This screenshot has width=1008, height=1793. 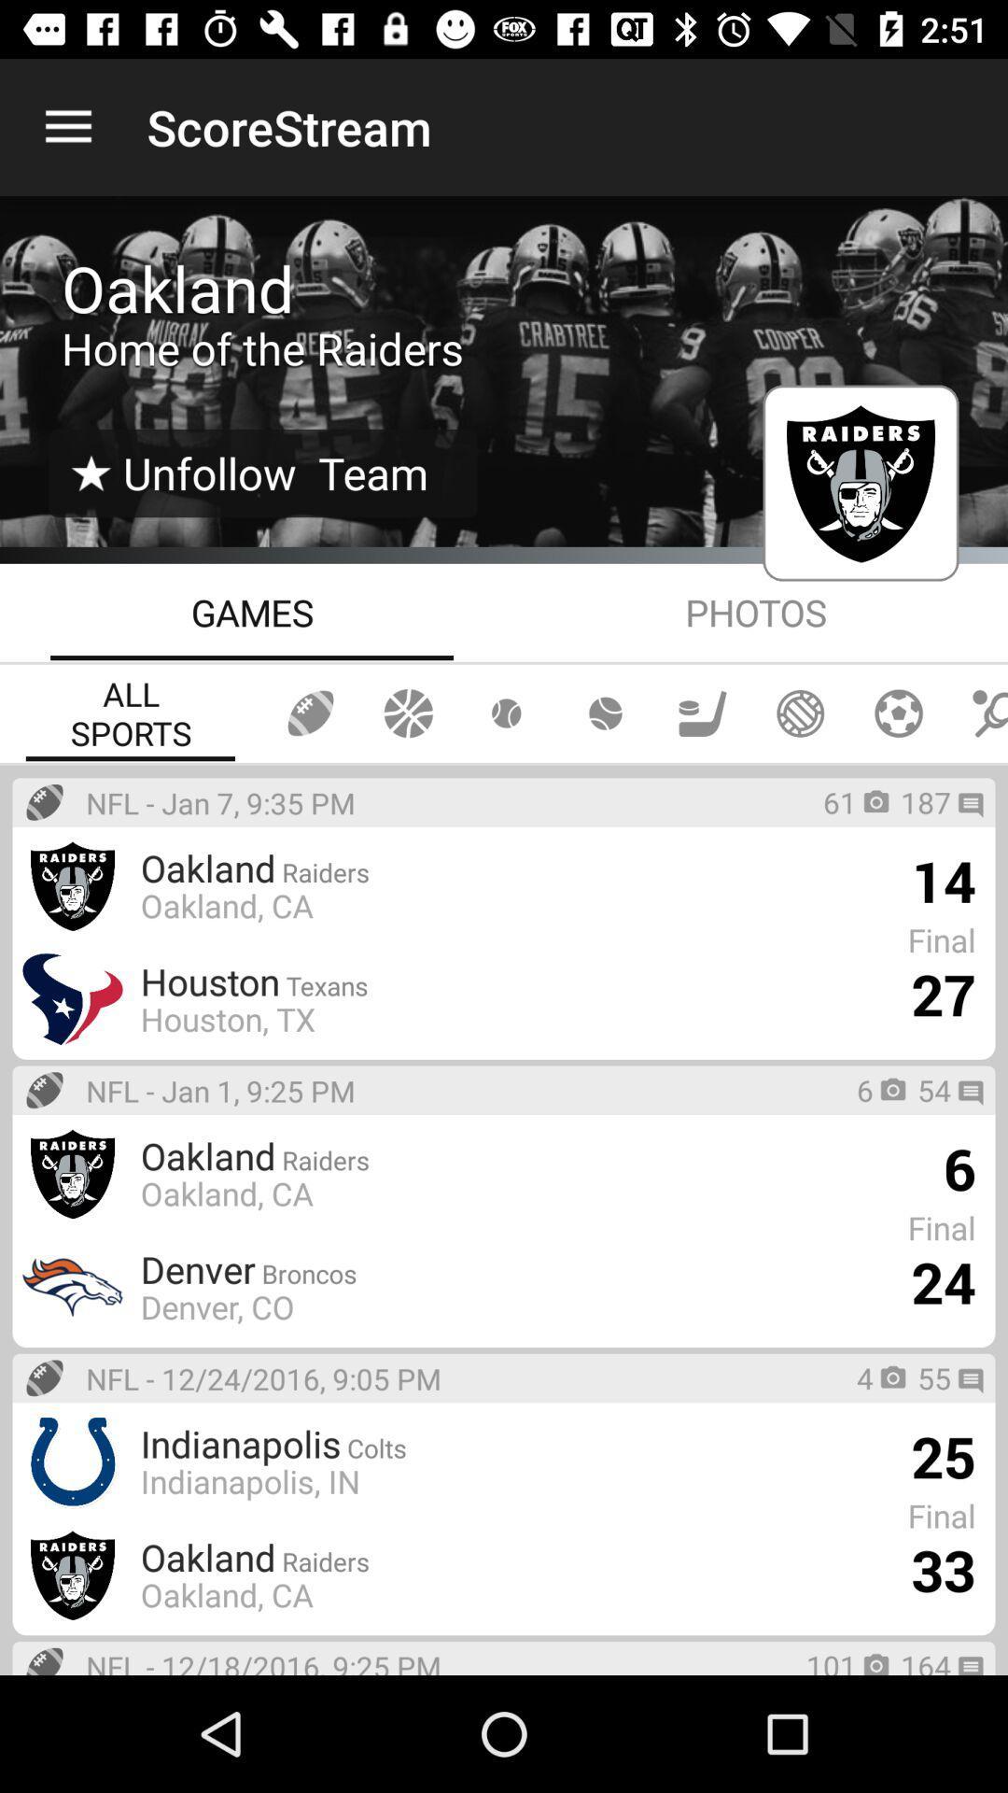 What do you see at coordinates (217, 1306) in the screenshot?
I see `the app below oakland, ca icon` at bounding box center [217, 1306].